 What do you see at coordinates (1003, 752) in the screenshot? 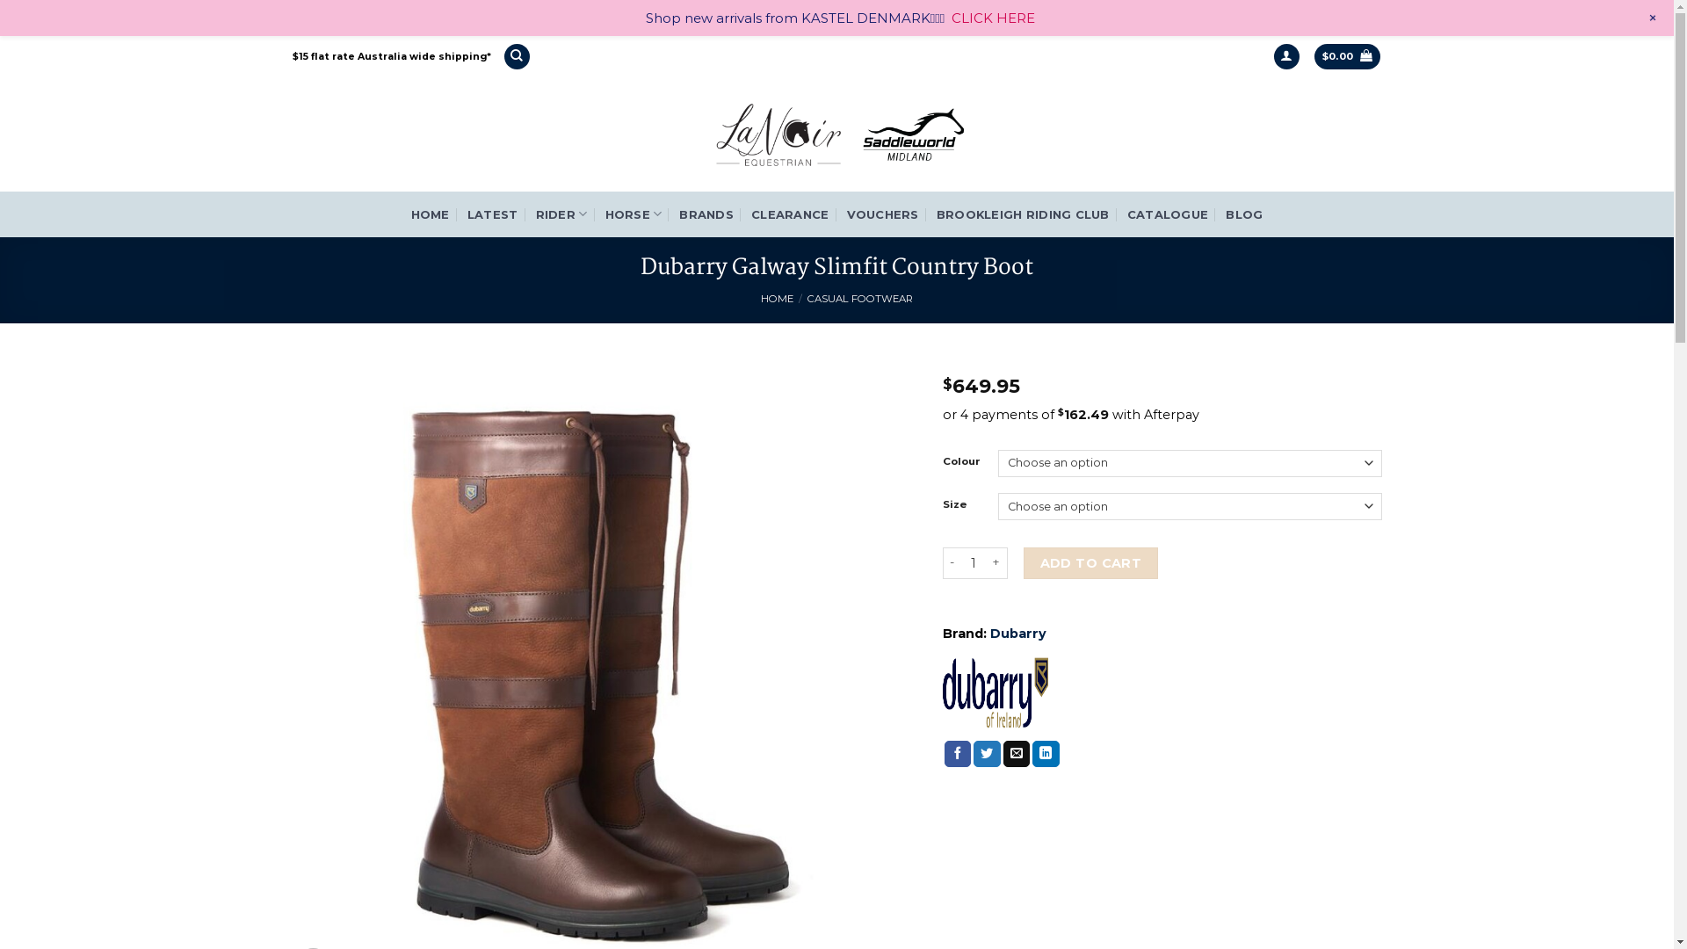
I see `'Email to a Friend'` at bounding box center [1003, 752].